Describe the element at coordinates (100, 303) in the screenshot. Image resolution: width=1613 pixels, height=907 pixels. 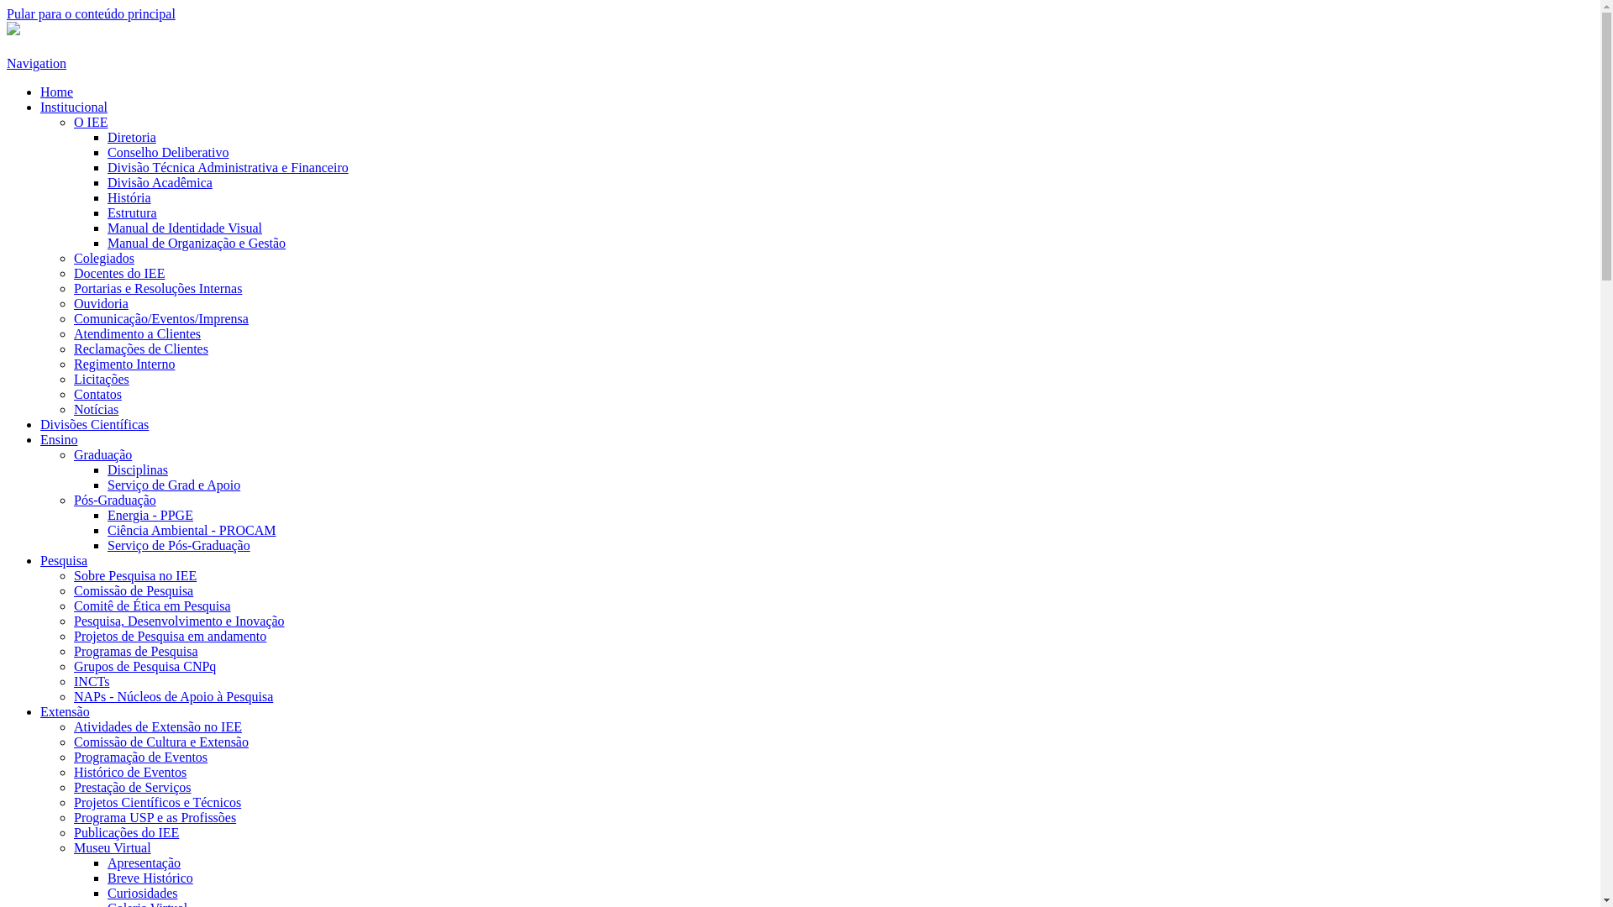
I see `'Ouvidoria'` at that location.